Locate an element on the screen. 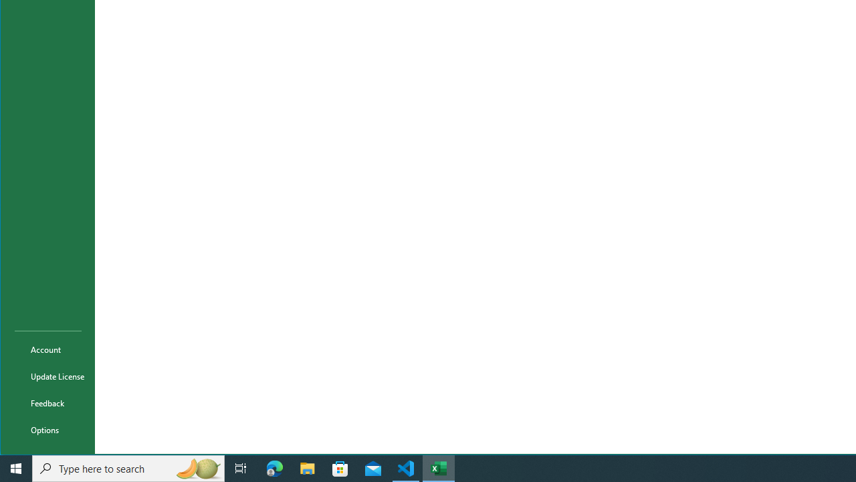 Image resolution: width=856 pixels, height=482 pixels. 'Microsoft Edge' is located at coordinates (274, 467).